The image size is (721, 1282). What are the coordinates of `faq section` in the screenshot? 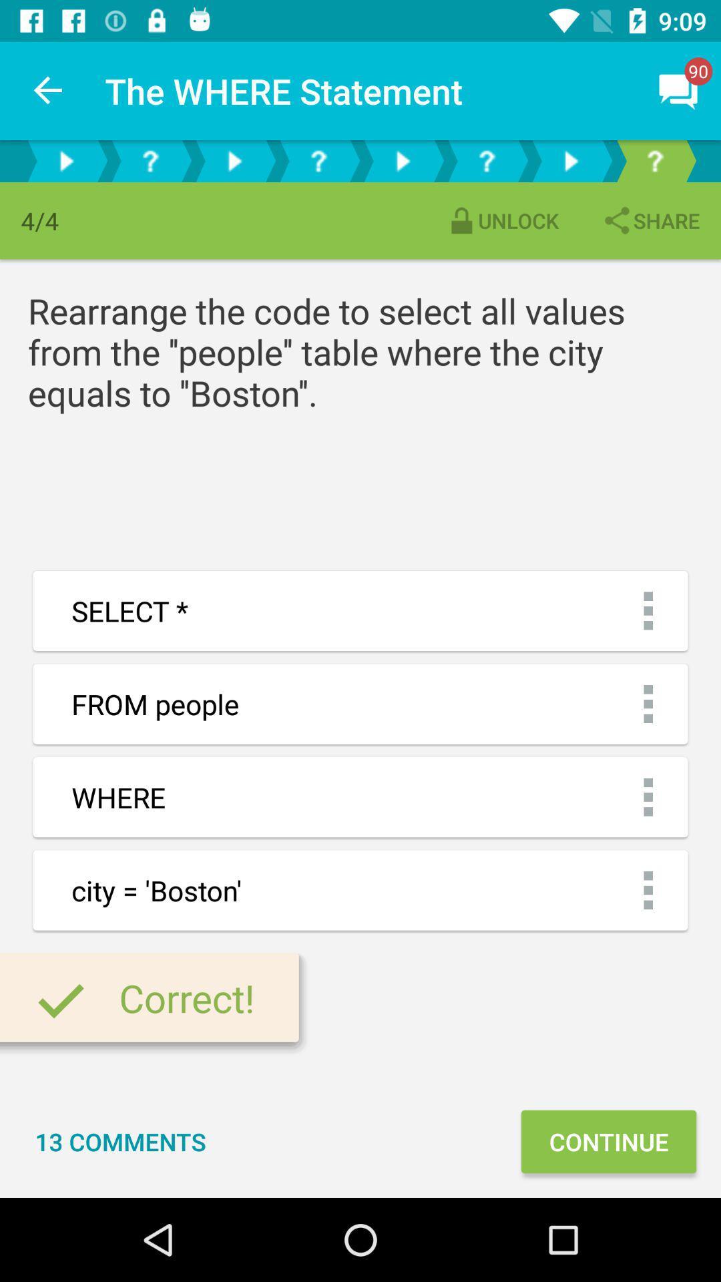 It's located at (318, 160).